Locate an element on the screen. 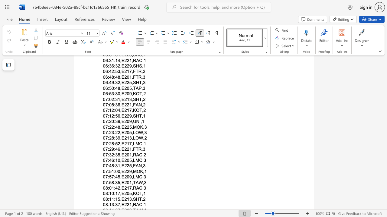 This screenshot has height=217, width=387. the space between the continuous character "T" and "," in the text is located at coordinates (141, 199).